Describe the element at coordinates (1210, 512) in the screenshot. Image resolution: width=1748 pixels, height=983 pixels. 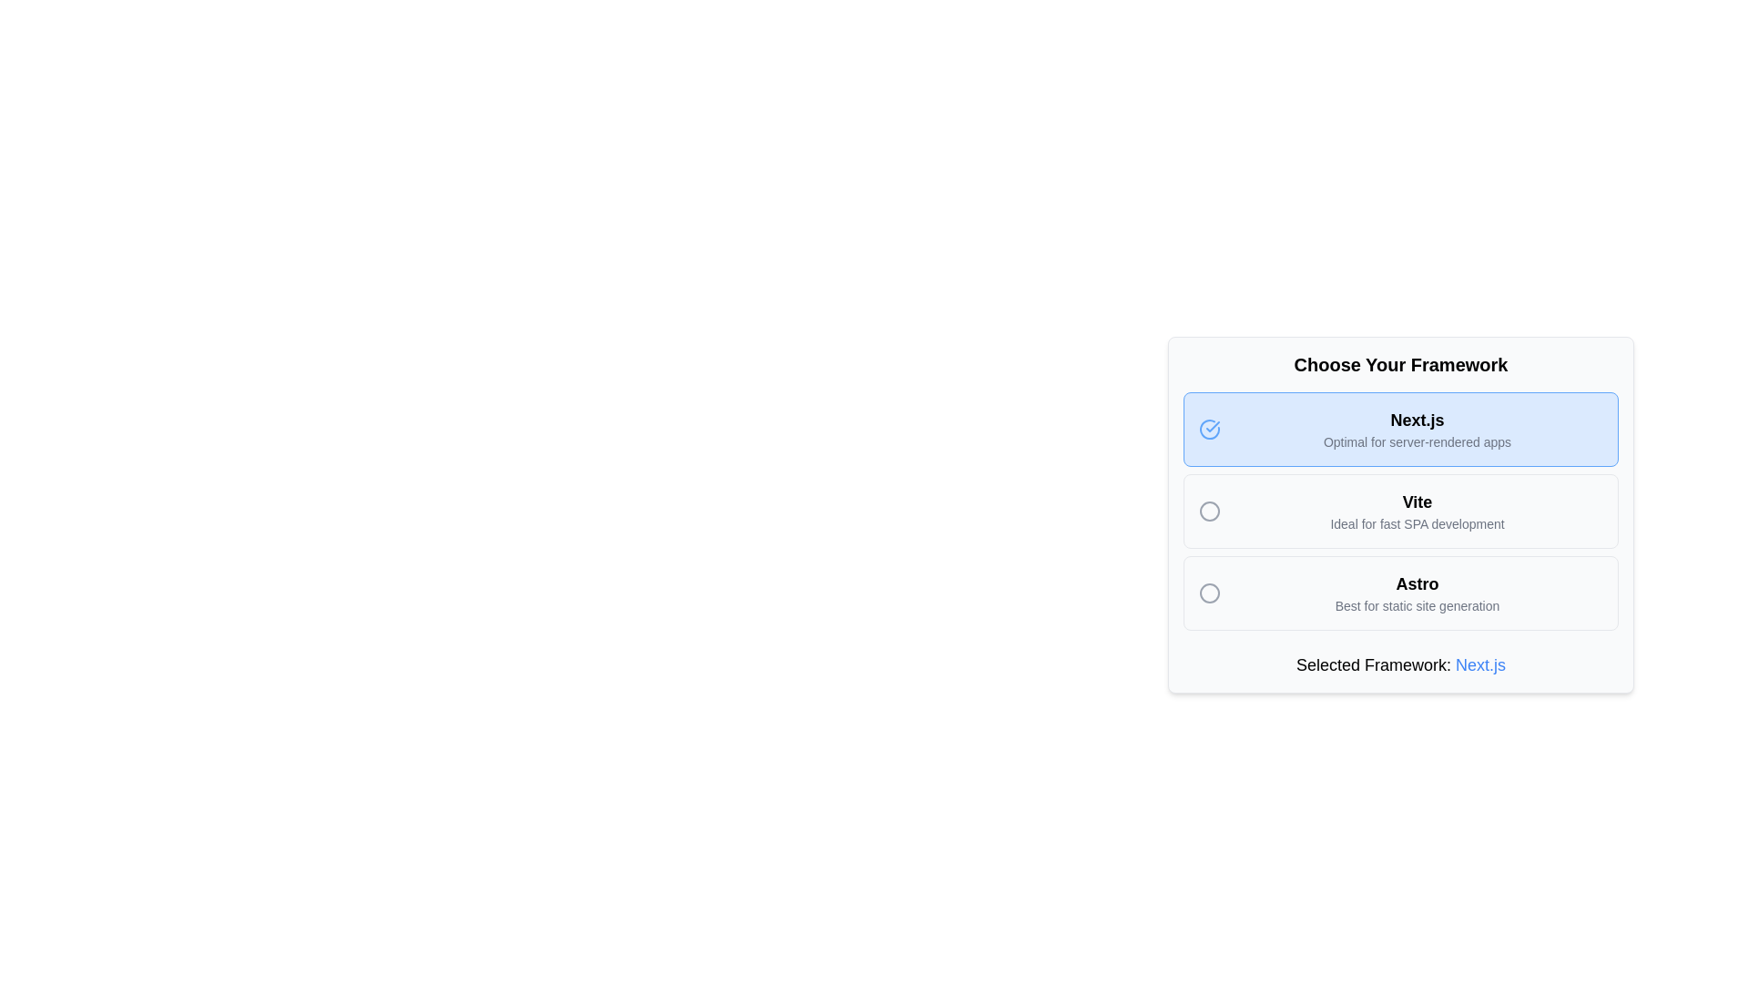
I see `the radio button indicator (circle) for the 'Vite' framework option` at that location.